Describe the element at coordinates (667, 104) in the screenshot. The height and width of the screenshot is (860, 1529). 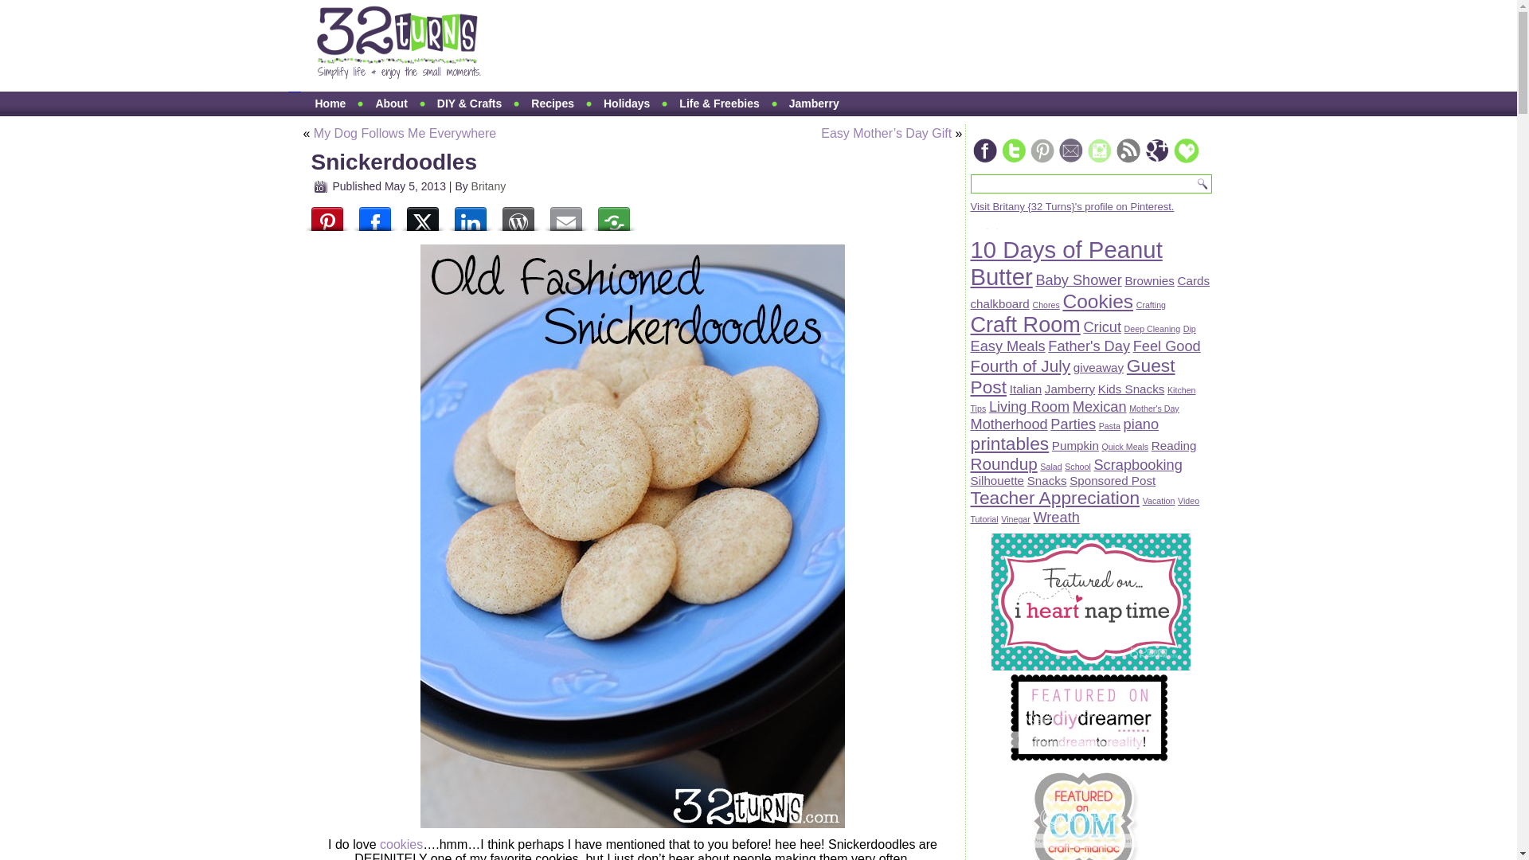
I see `'Life & Freebies'` at that location.